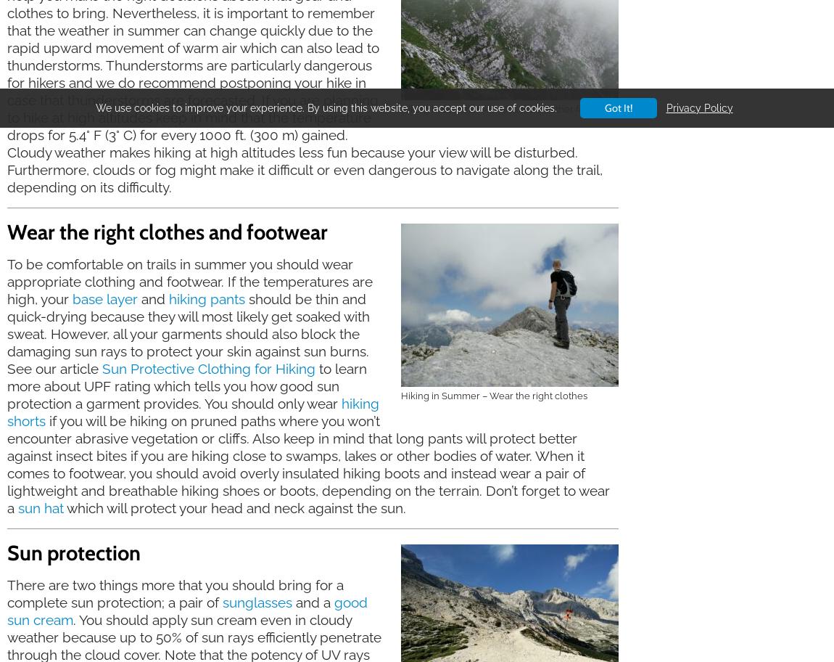 Image resolution: width=834 pixels, height=662 pixels. I want to click on 'hiking pants', so click(206, 298).